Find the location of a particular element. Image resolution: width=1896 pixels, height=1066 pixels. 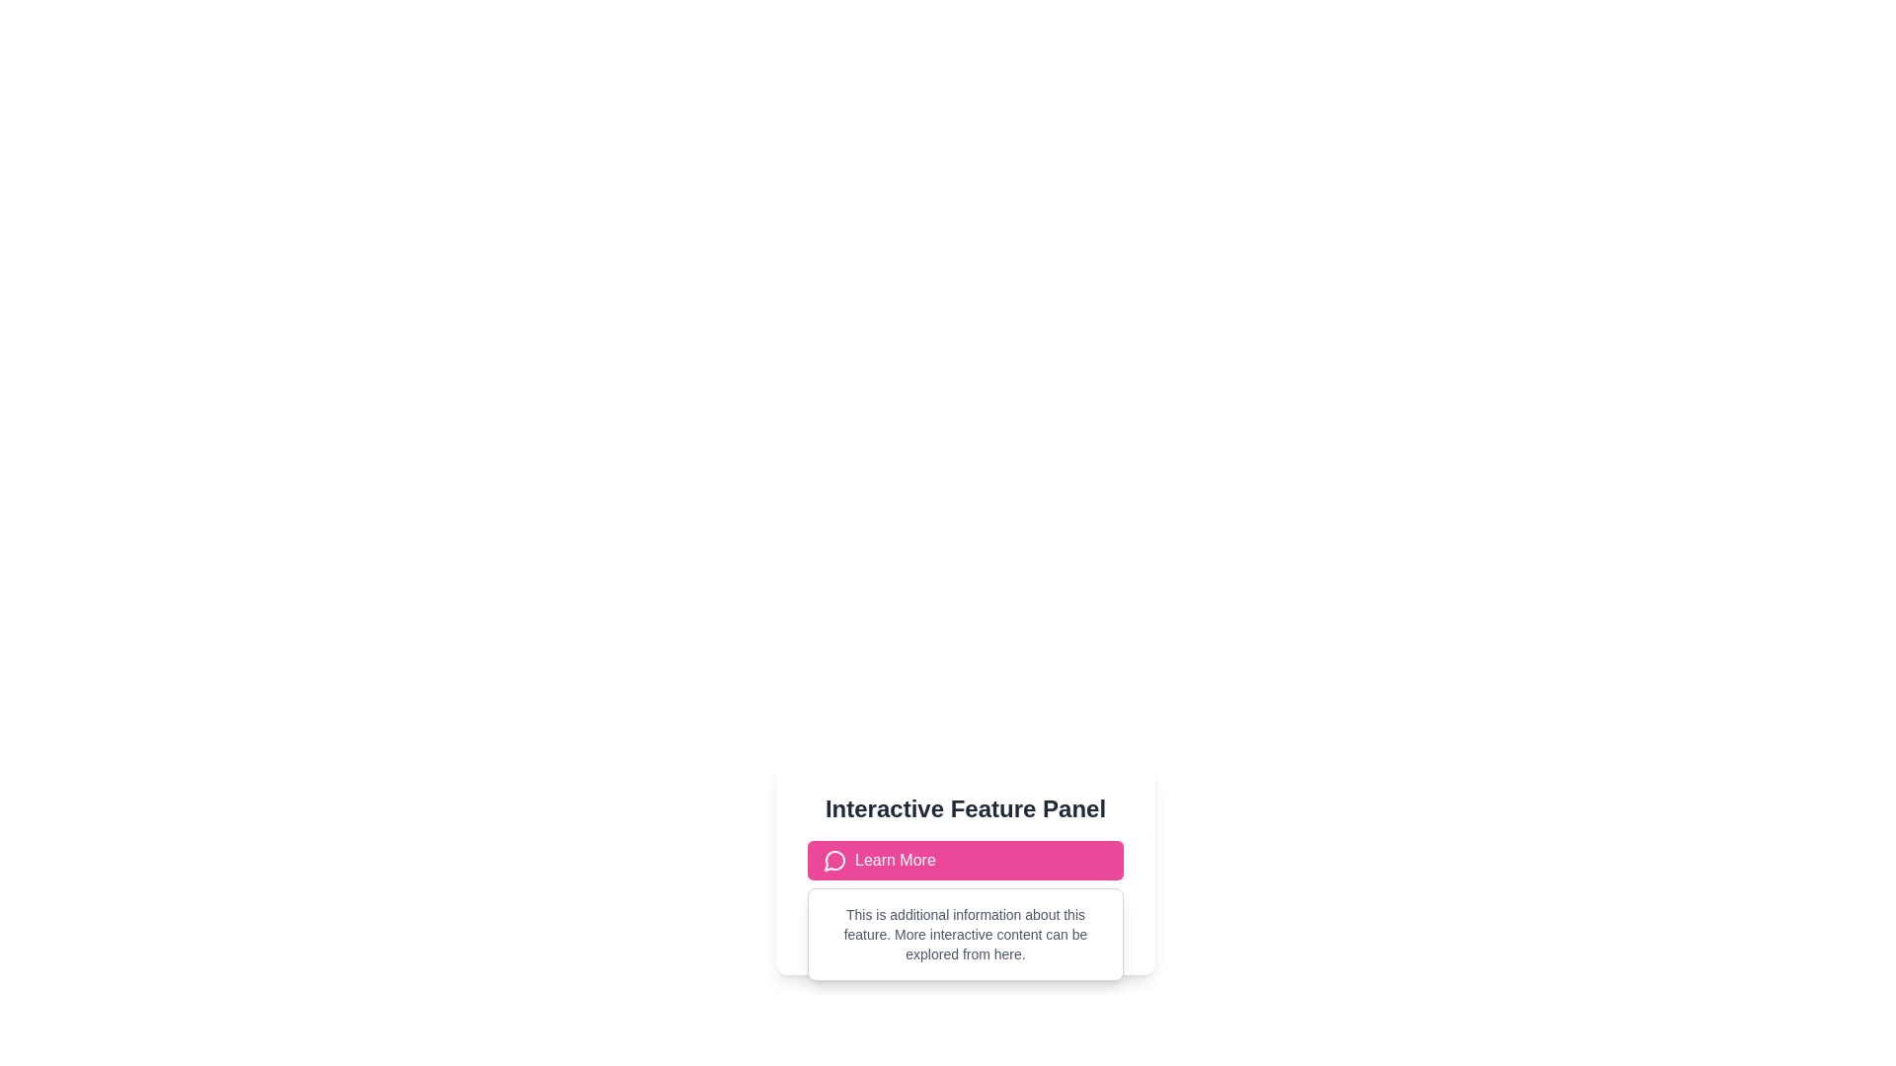

the 'Interactive Feature Panel' text label that is styled with a bold font weight and dark gray color, positioned centrally at the top of the panel is located at coordinates (966, 809).